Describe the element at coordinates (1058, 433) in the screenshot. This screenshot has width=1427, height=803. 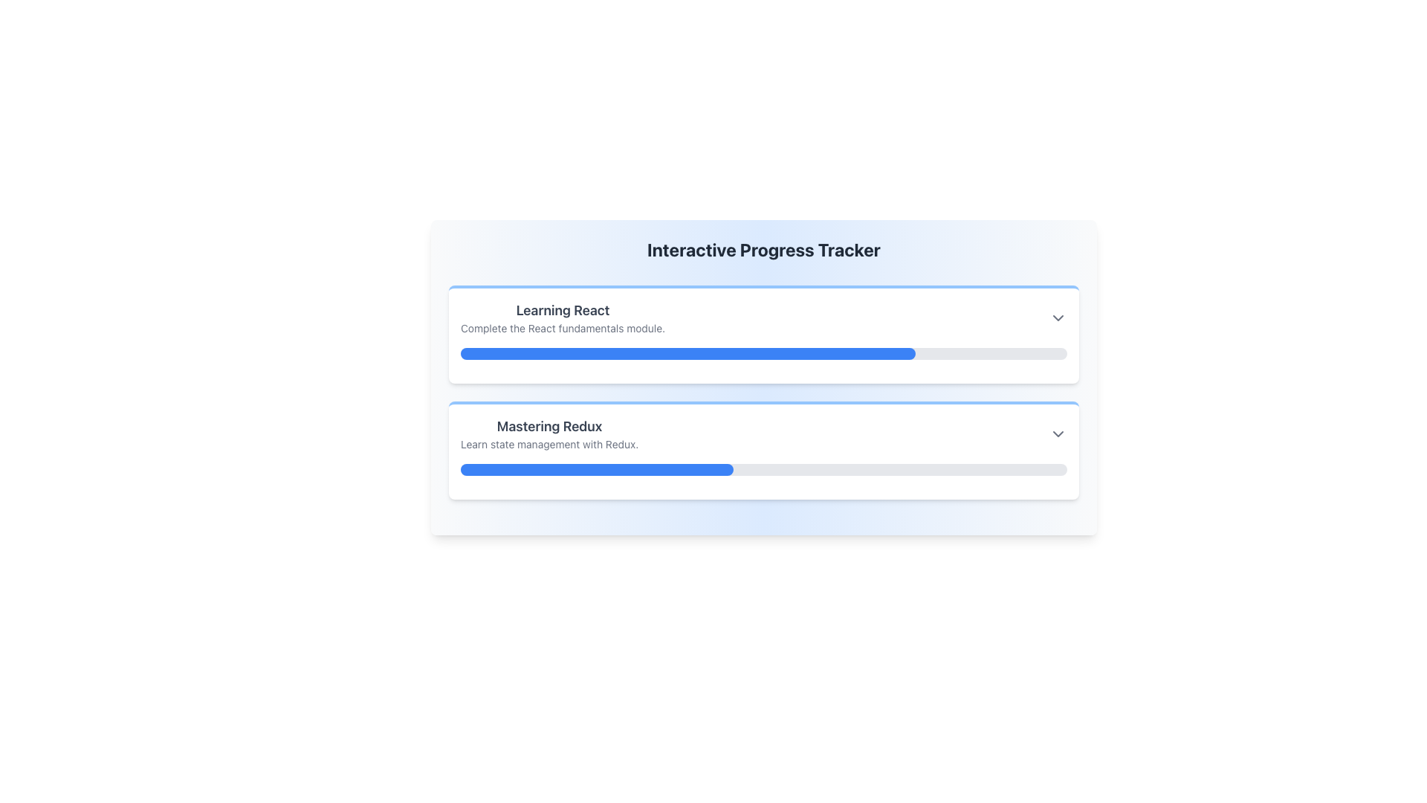
I see `the chevron icon in the top-right corner of the 'Mastering Redux' module` at that location.